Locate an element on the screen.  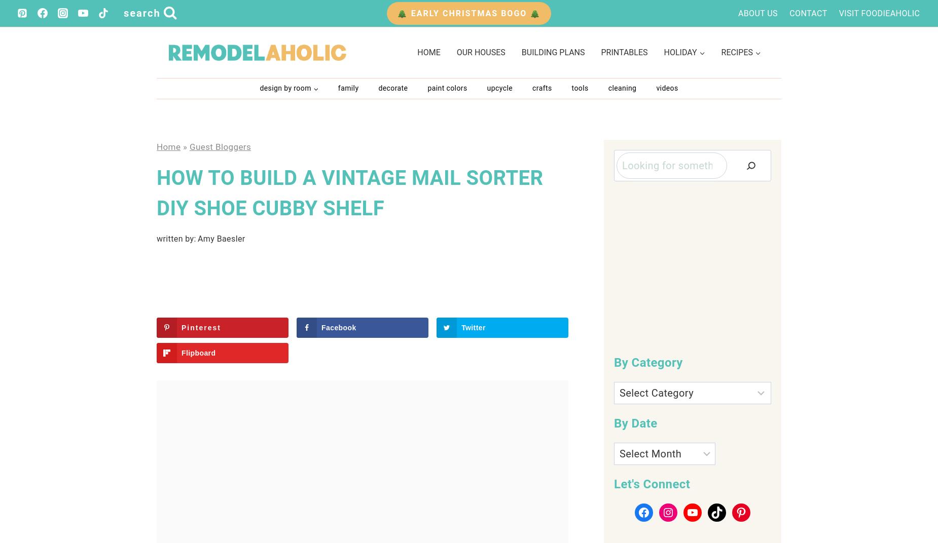
'Upcycle' is located at coordinates (486, 87).